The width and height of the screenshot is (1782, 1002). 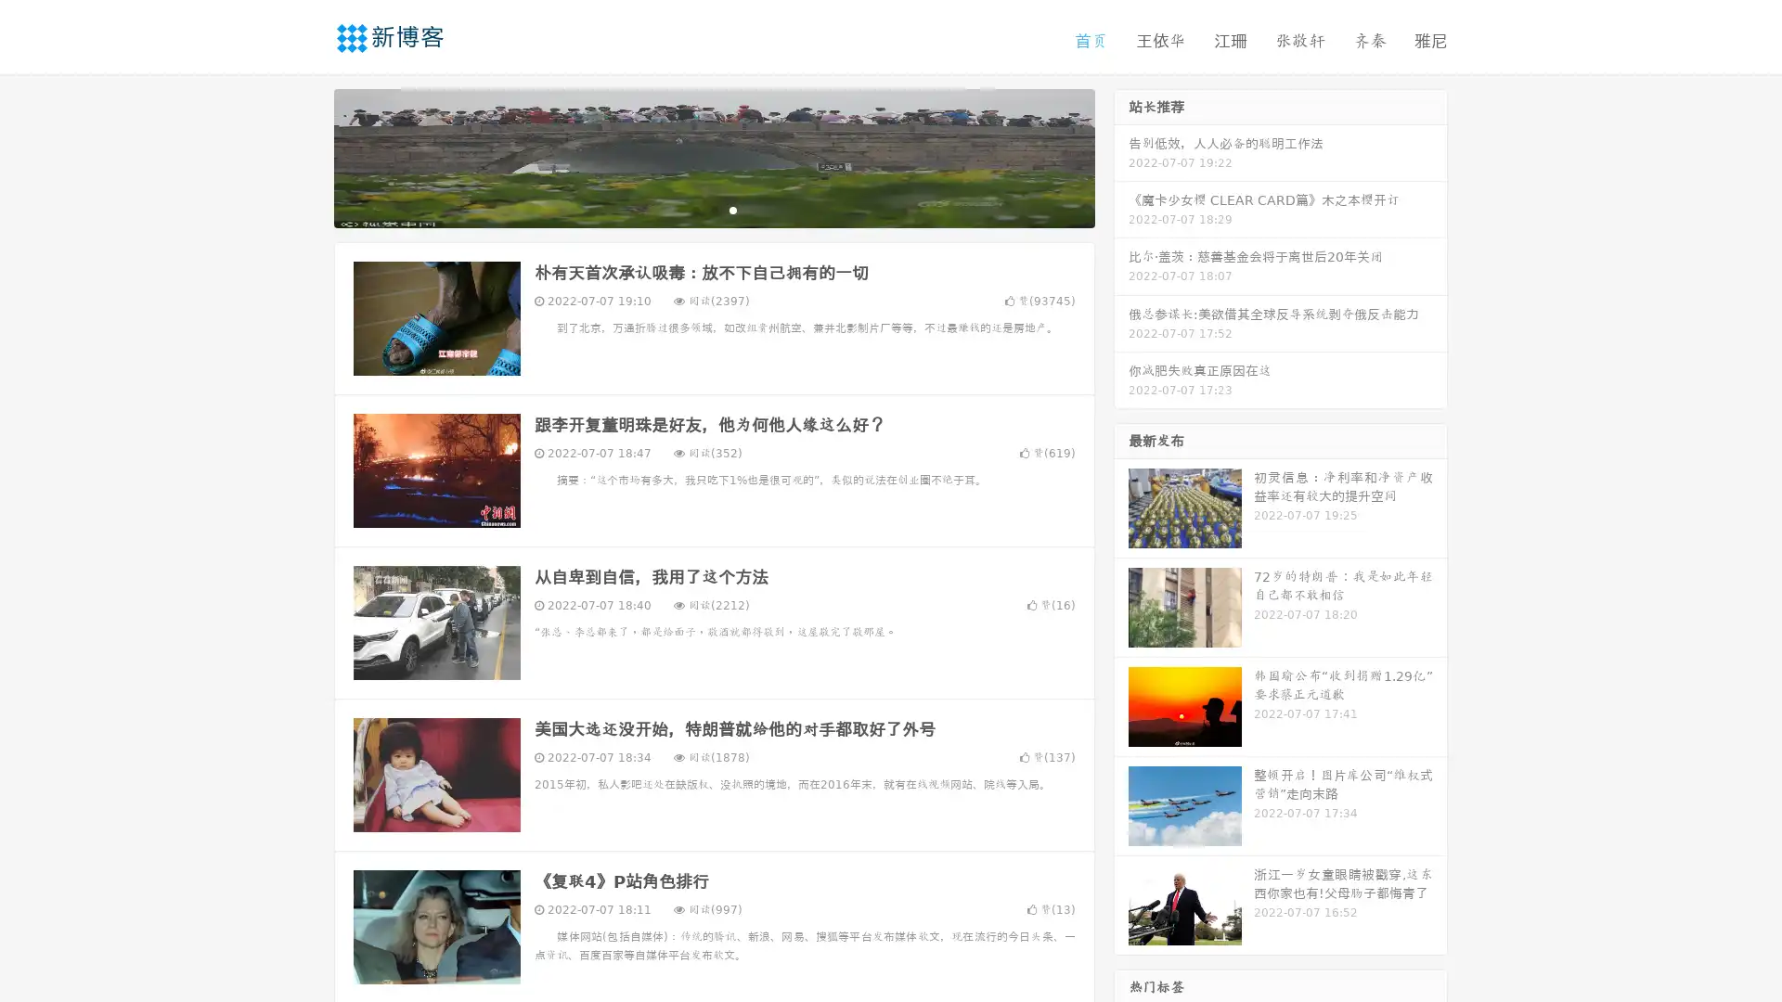 What do you see at coordinates (1121, 156) in the screenshot?
I see `Next slide` at bounding box center [1121, 156].